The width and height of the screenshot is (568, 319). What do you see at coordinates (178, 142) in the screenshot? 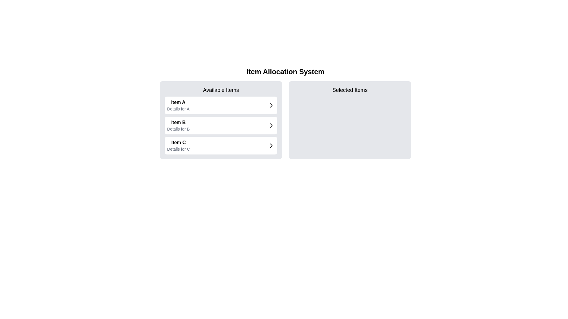
I see `label 'Item C' which serves as a title for identifying the relevant item in the list of available items` at bounding box center [178, 142].